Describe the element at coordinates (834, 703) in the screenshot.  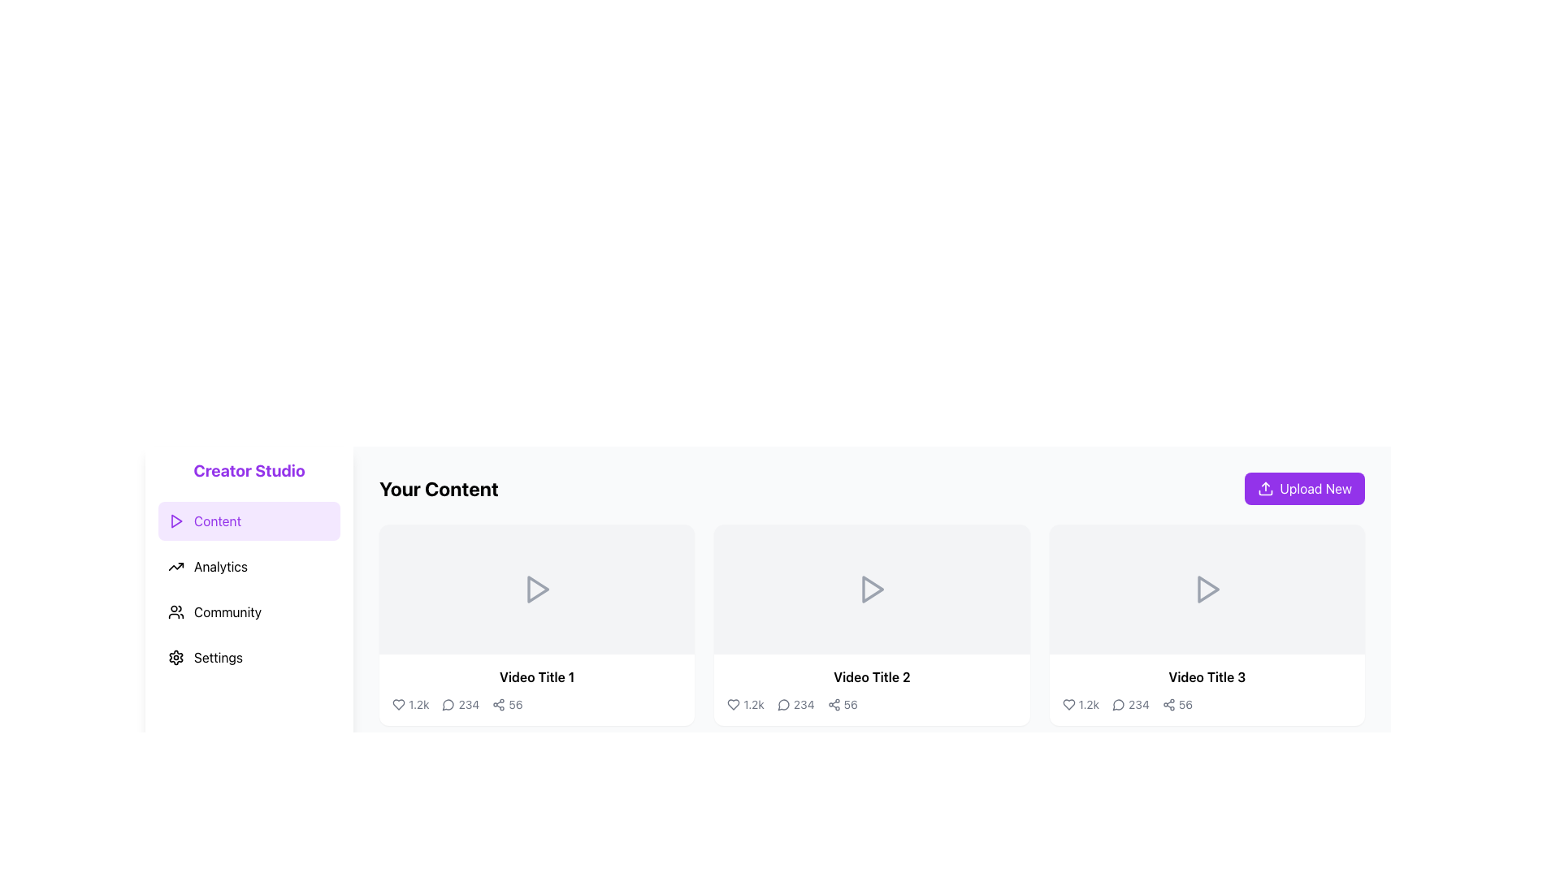
I see `the sharing icon, which features three circles connected by lines in a triangular pattern, located next to the '56' text label below 'Video Title 2' in the second content card of the 'Your Content' section` at that location.